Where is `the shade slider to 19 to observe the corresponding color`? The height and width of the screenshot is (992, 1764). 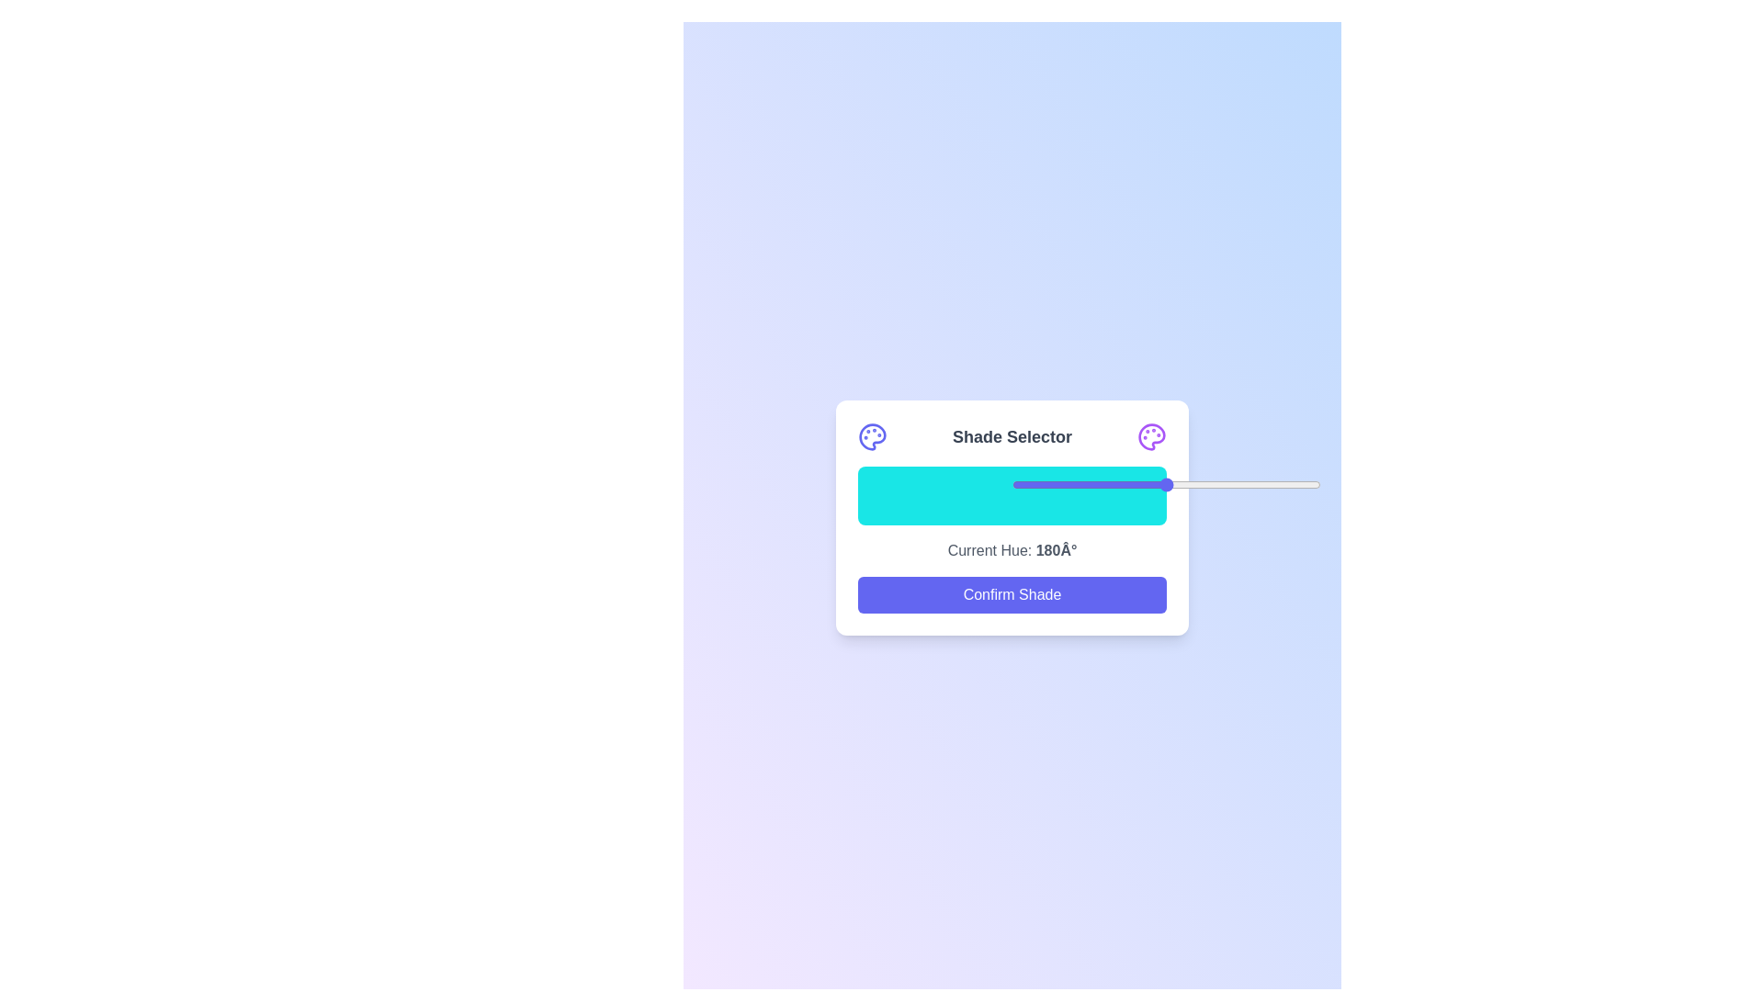
the shade slider to 19 to observe the corresponding color is located at coordinates (916, 496).